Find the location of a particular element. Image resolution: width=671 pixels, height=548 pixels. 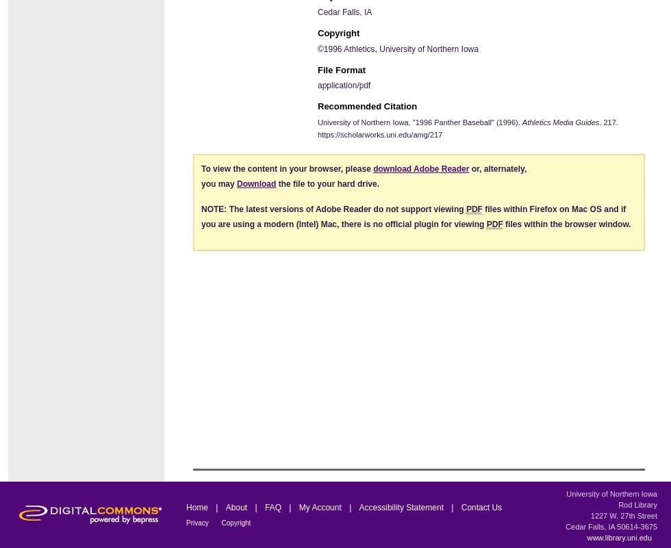

'To view the content in your browser, please' is located at coordinates (287, 168).